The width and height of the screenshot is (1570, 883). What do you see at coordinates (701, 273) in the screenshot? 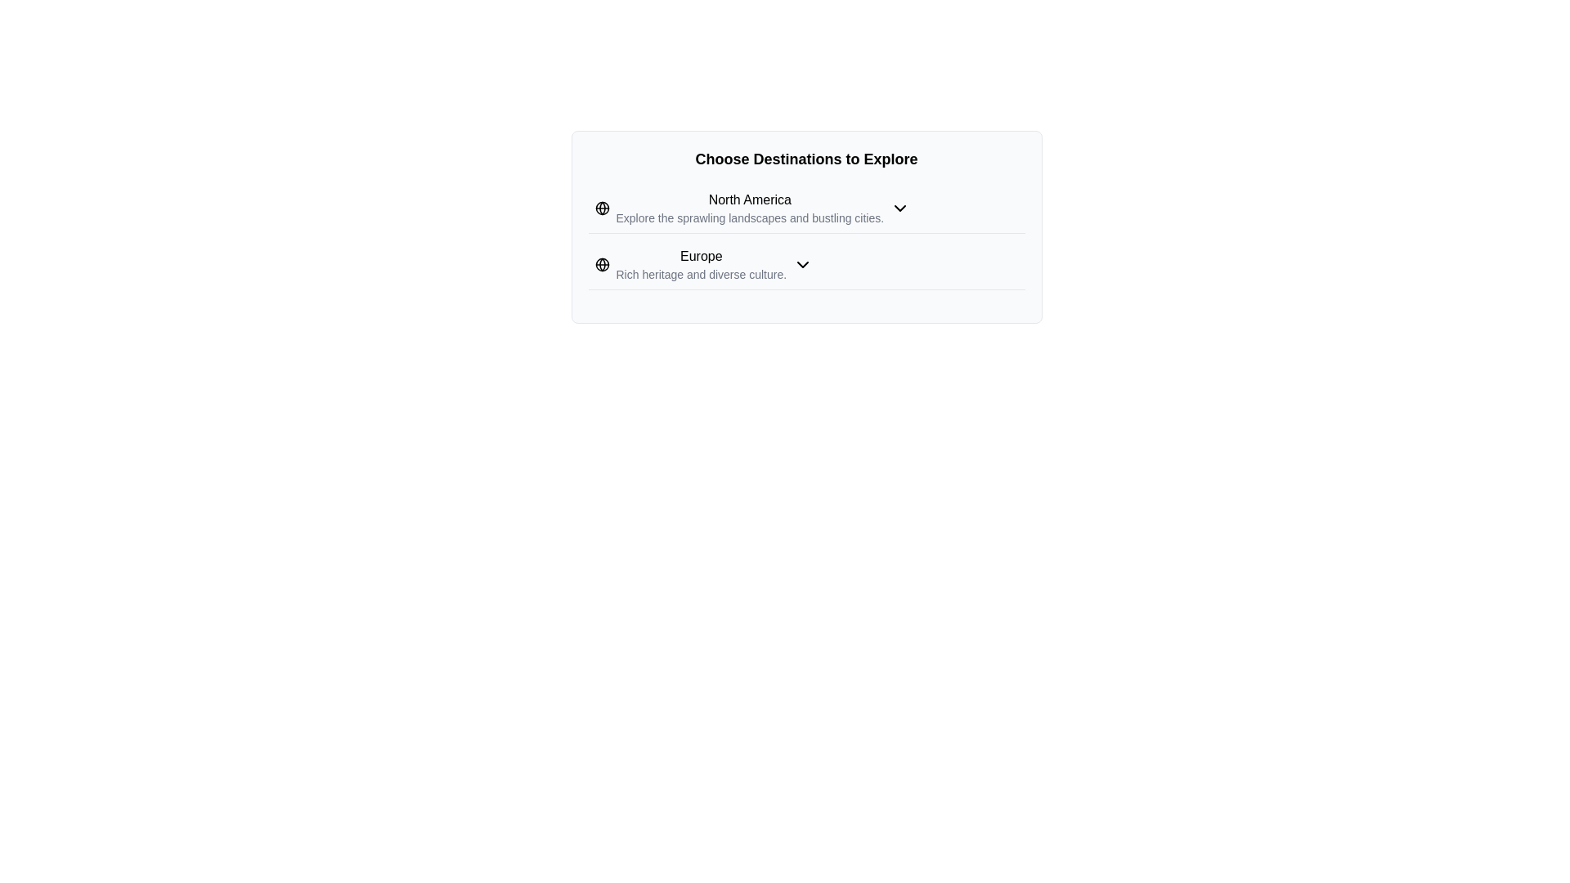
I see `the informational text entry located directly below the heading 'Europe' in the list of destinations` at bounding box center [701, 273].